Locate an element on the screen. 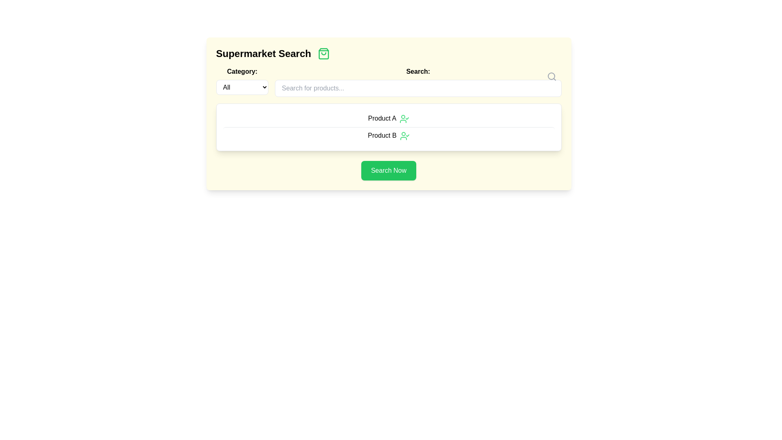  the bold text label reading 'Category:' positioned at the top of the dropdown component is located at coordinates (242, 71).